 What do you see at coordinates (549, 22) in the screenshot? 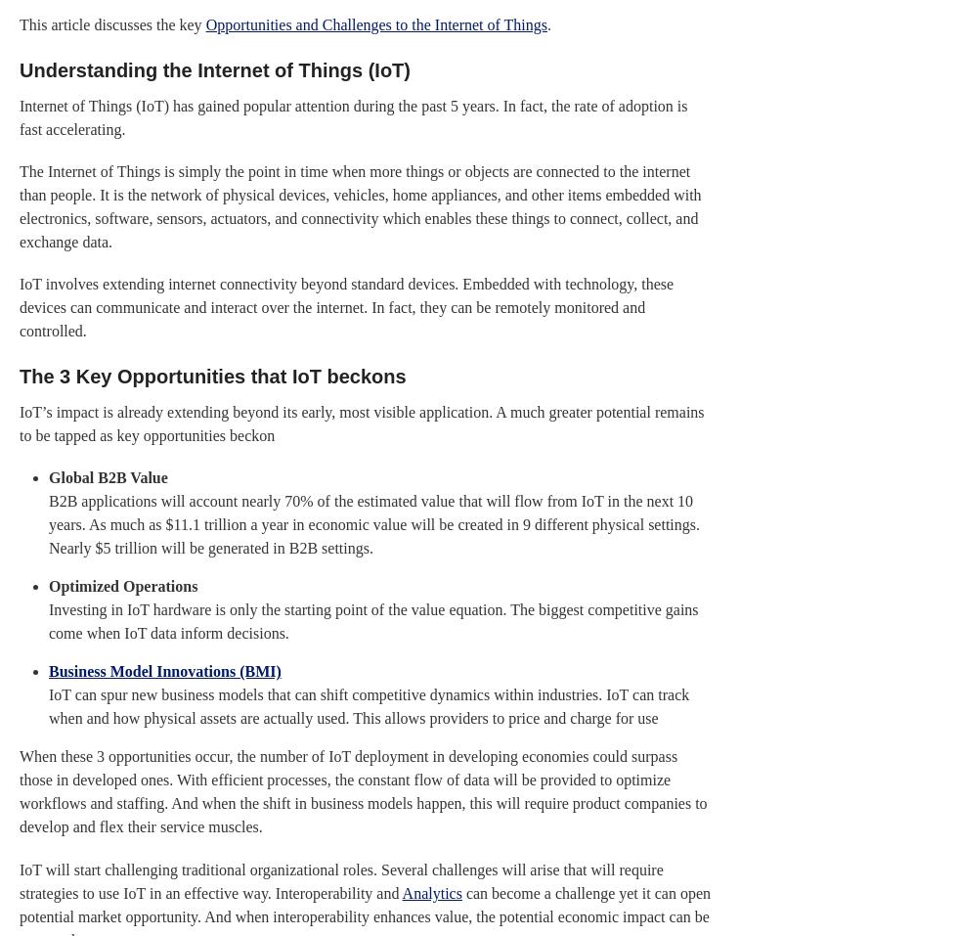
I see `'.'` at bounding box center [549, 22].